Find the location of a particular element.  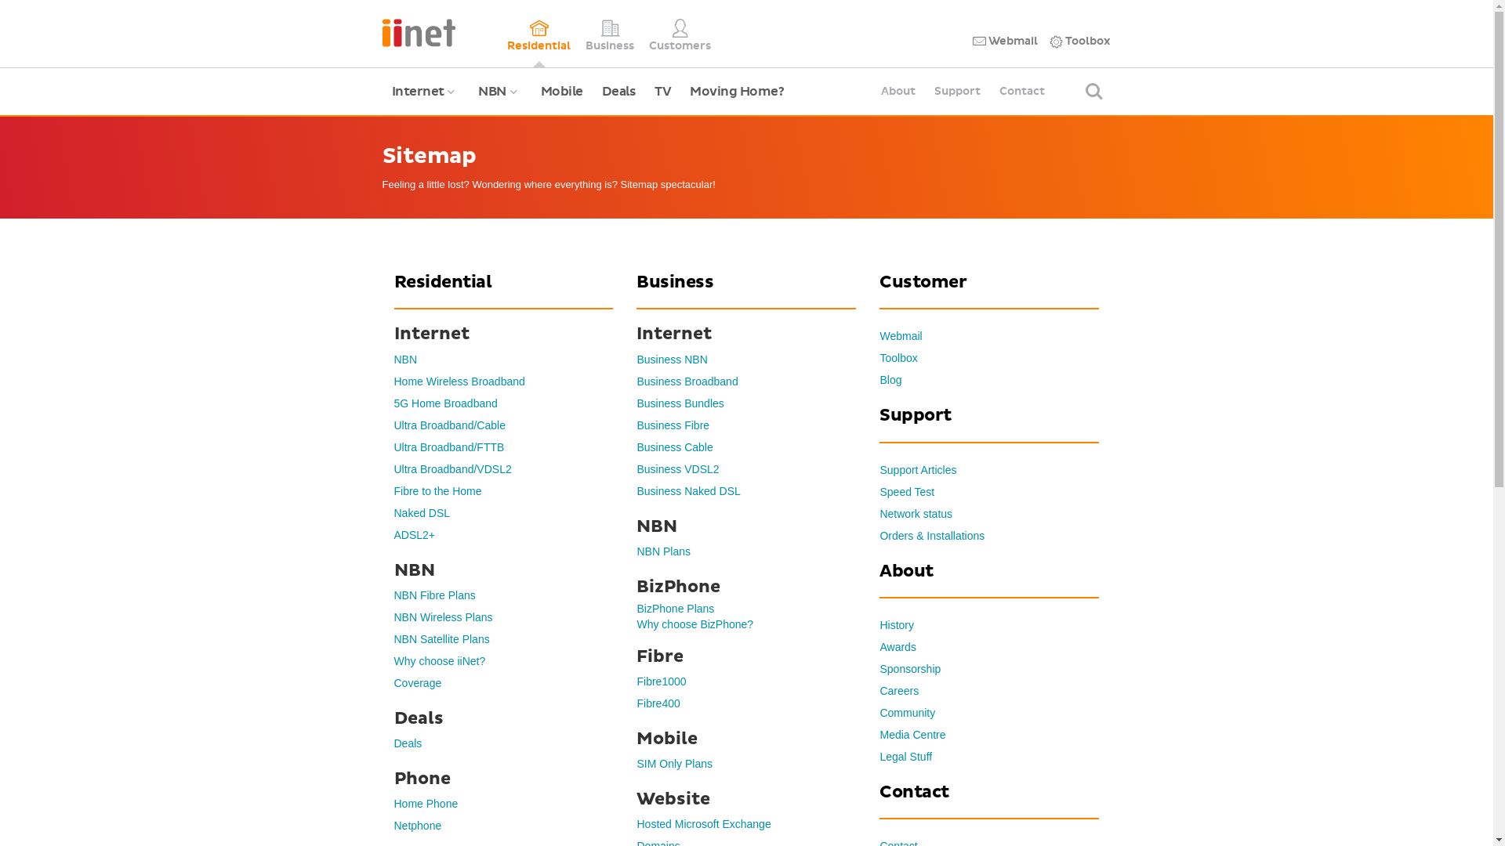

'Business Naked DSL' is located at coordinates (688, 490).